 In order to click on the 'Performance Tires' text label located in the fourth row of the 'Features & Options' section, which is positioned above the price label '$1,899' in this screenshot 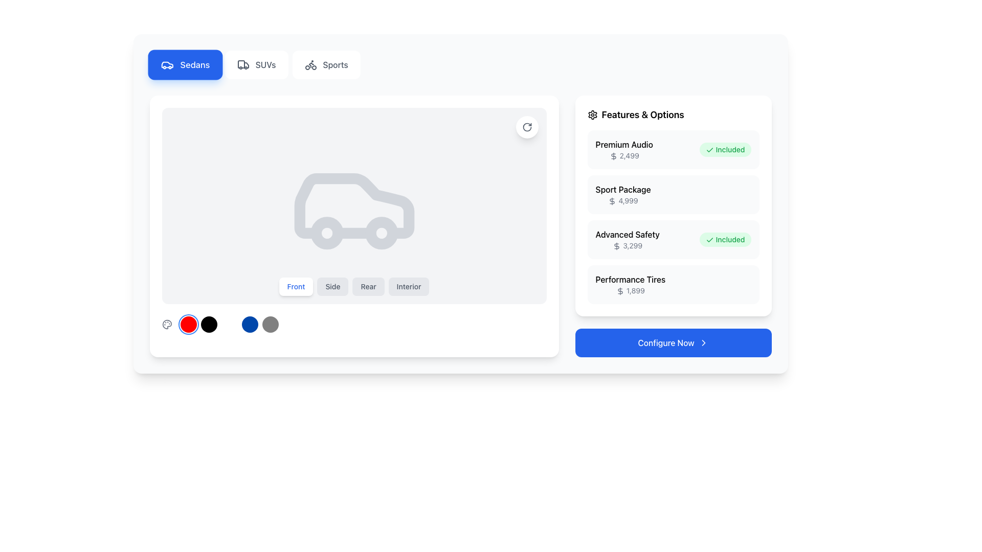, I will do `click(630, 280)`.